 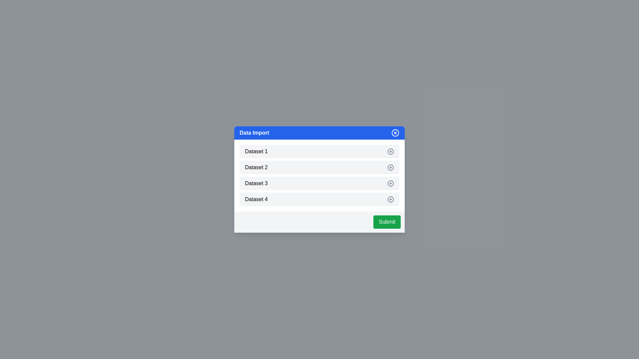 I want to click on the dataset item Dataset 3, so click(x=391, y=183).